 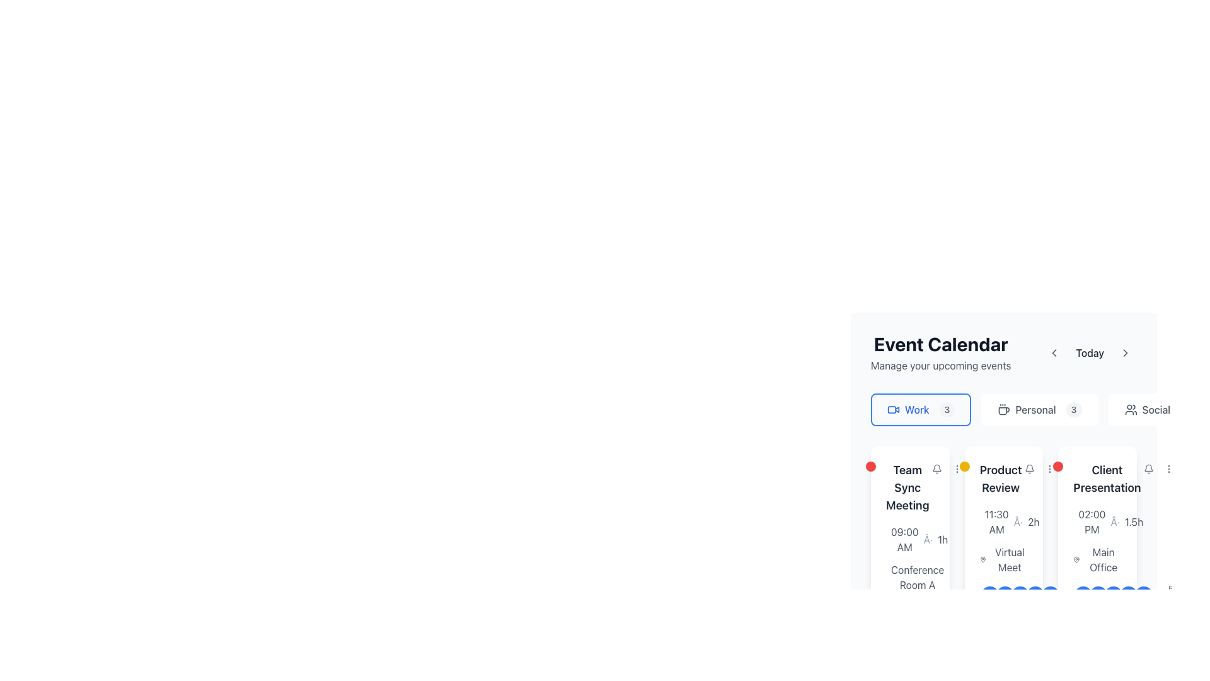 What do you see at coordinates (1050, 595) in the screenshot?
I see `the small circular badge displaying the letter 'E' within the 'Client Presentation' event card` at bounding box center [1050, 595].